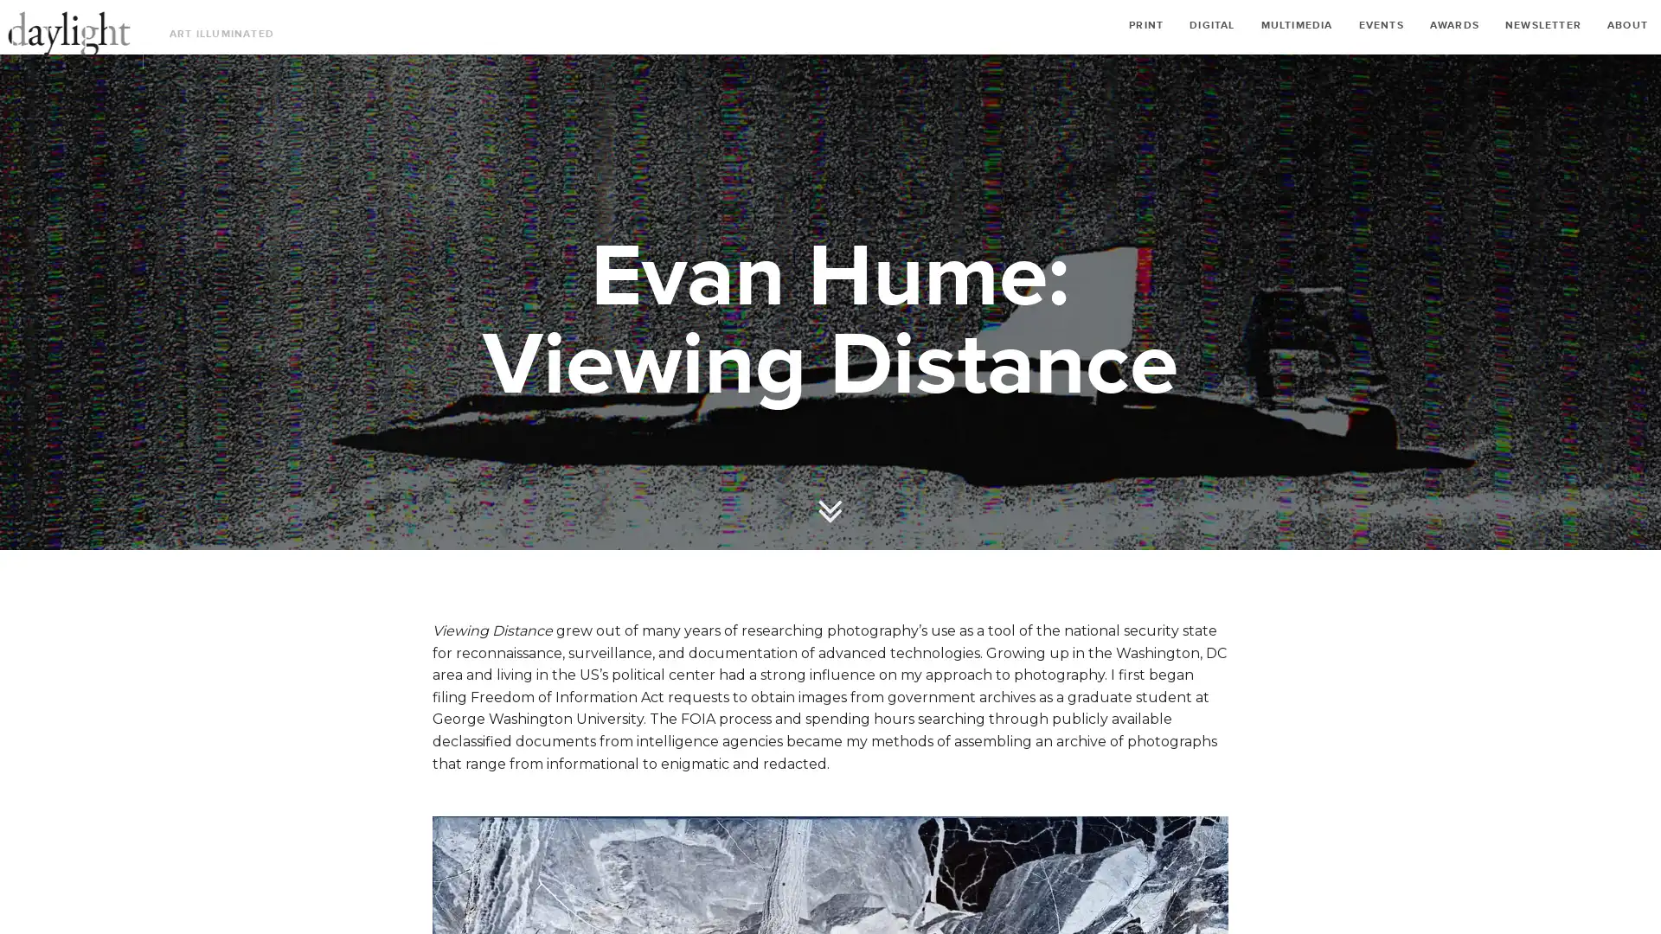  Describe the element at coordinates (1162, 852) in the screenshot. I see `Share on Tumblr` at that location.